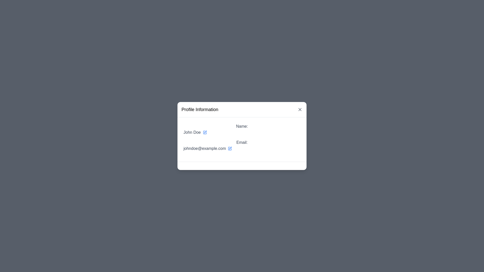 The image size is (484, 272). What do you see at coordinates (205, 132) in the screenshot?
I see `the graphical icon located to the right of the 'John Doe' text, which allows the user to edit or modify the associated content` at bounding box center [205, 132].